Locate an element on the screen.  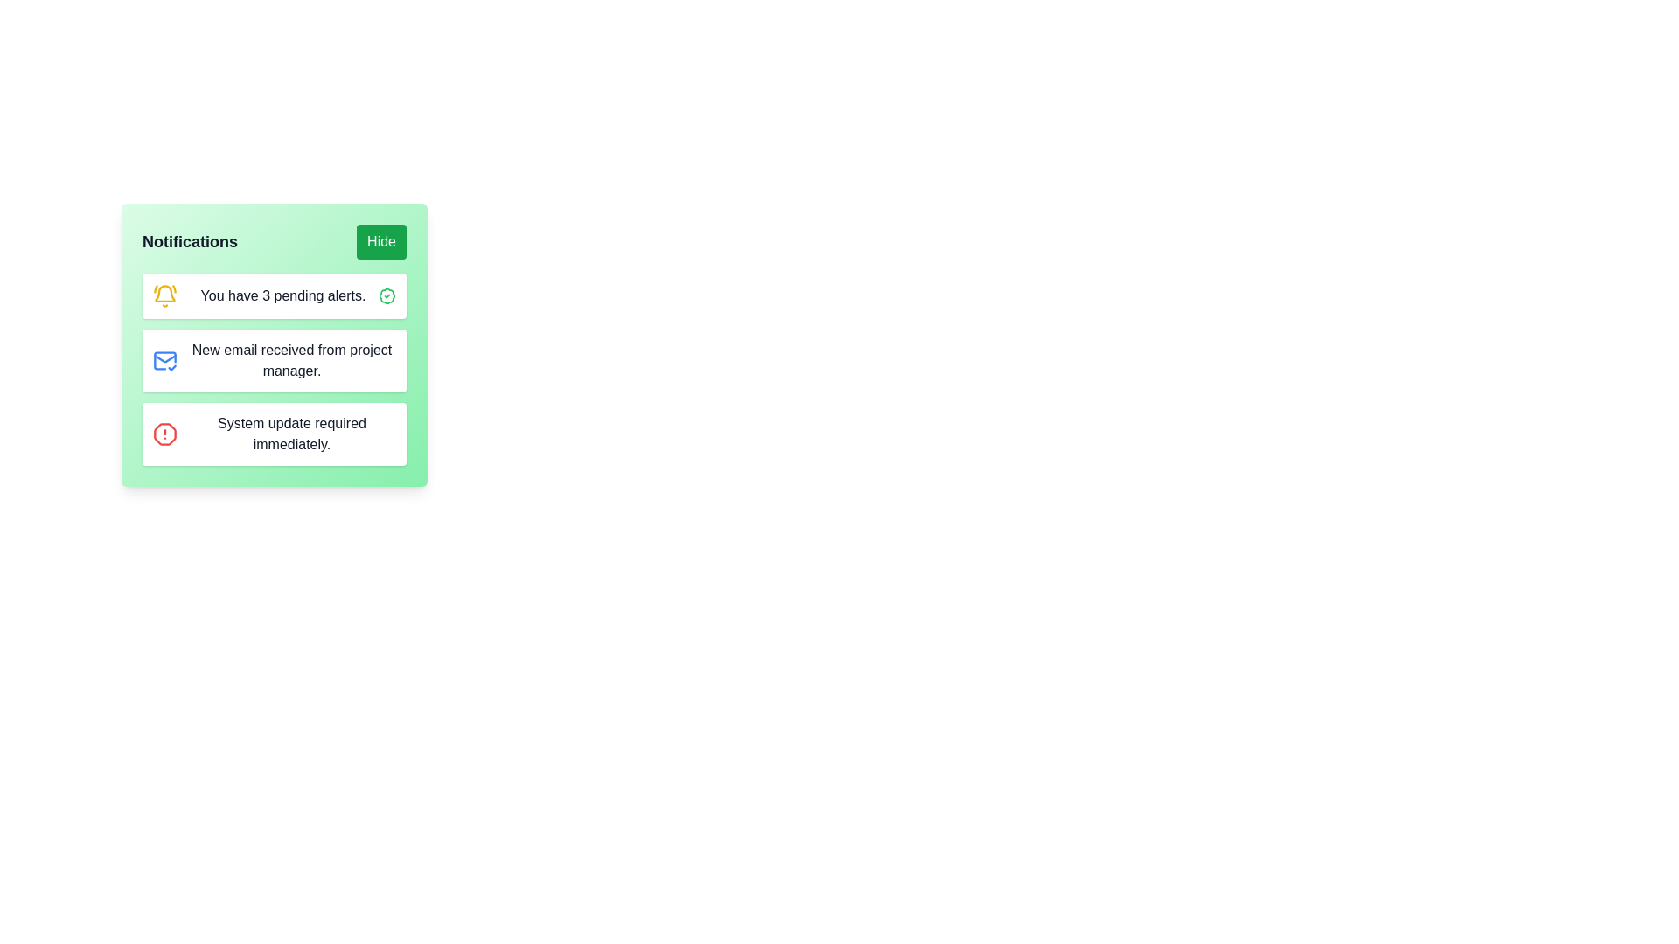
the blue envelope icon with a checkmark indicating email notification status, located in the second row of notifications within the green notification box is located at coordinates (164, 359).